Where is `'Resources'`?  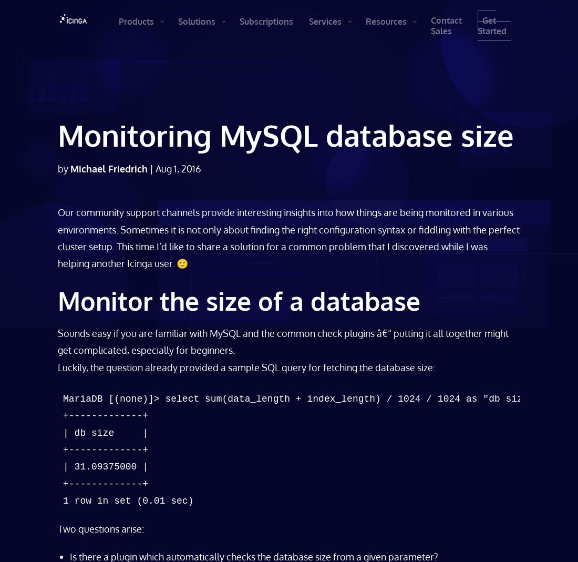
'Resources' is located at coordinates (393, 20).